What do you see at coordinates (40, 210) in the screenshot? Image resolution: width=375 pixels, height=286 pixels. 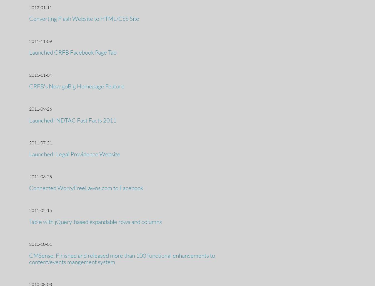 I see `'2011-02-15'` at bounding box center [40, 210].